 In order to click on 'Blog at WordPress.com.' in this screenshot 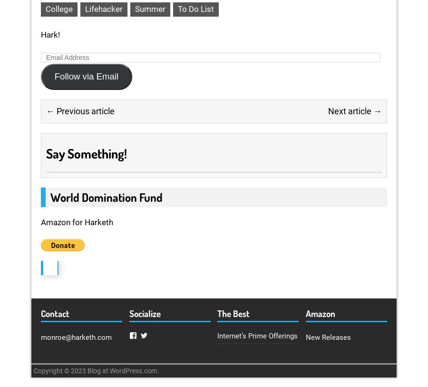, I will do `click(87, 371)`.